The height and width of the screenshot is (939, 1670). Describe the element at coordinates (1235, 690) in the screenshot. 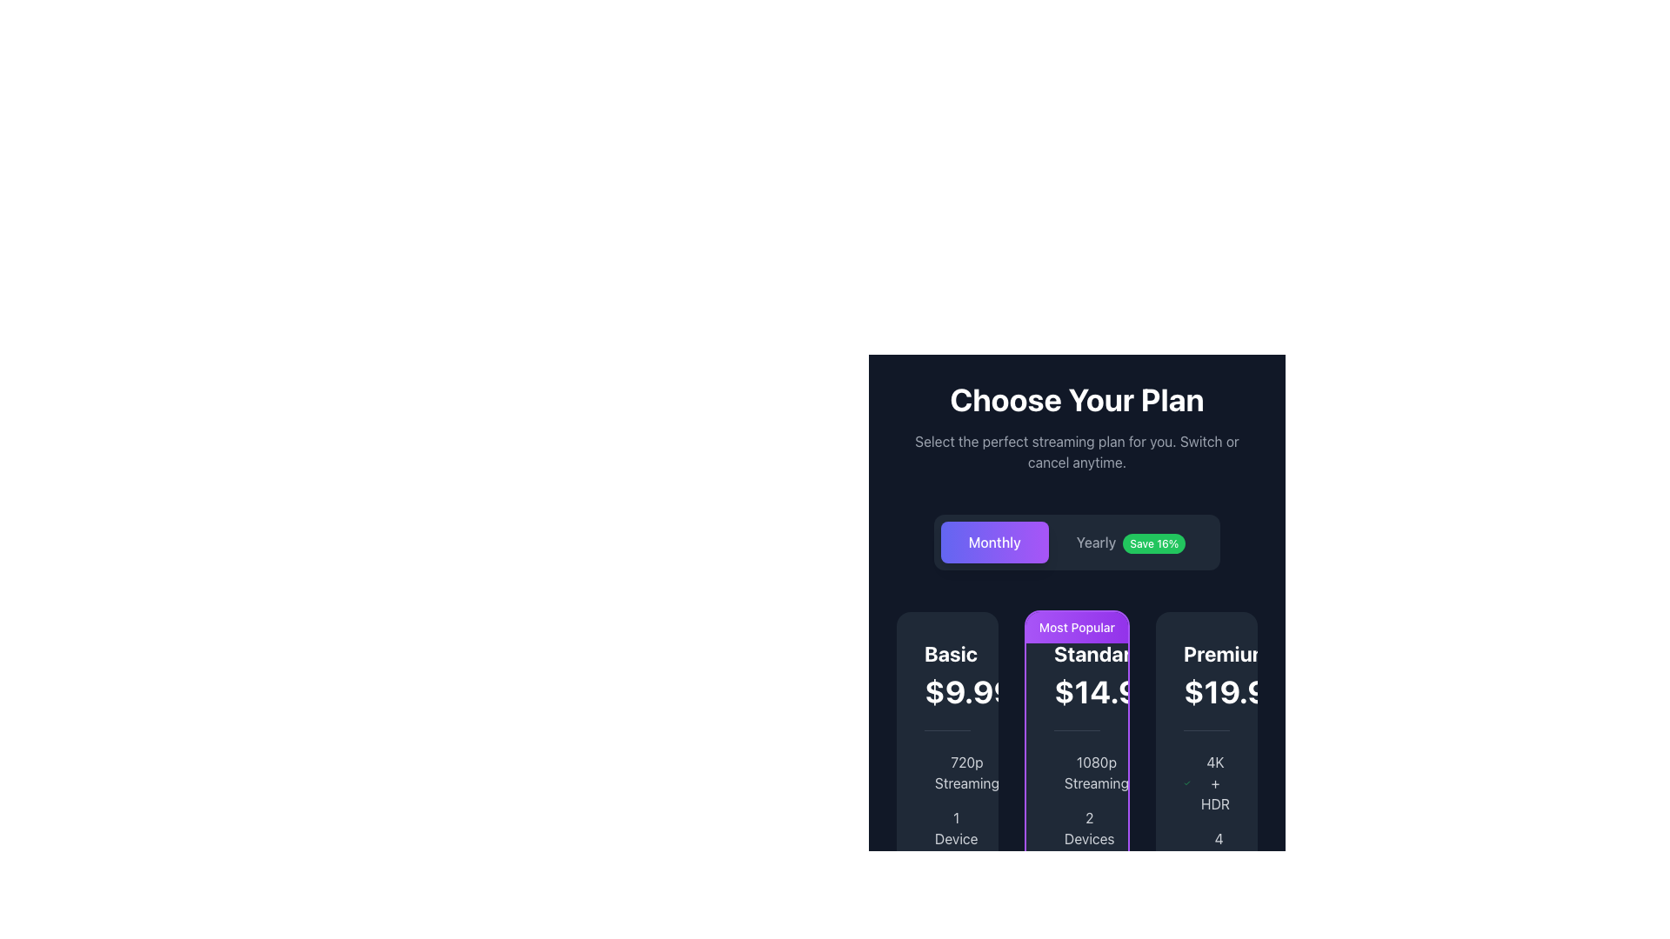

I see `the price label displaying '$19.99' in bold white font, located in the 'Premium' subscription plan section, positioned to the right of the 'Standard' plan section` at that location.